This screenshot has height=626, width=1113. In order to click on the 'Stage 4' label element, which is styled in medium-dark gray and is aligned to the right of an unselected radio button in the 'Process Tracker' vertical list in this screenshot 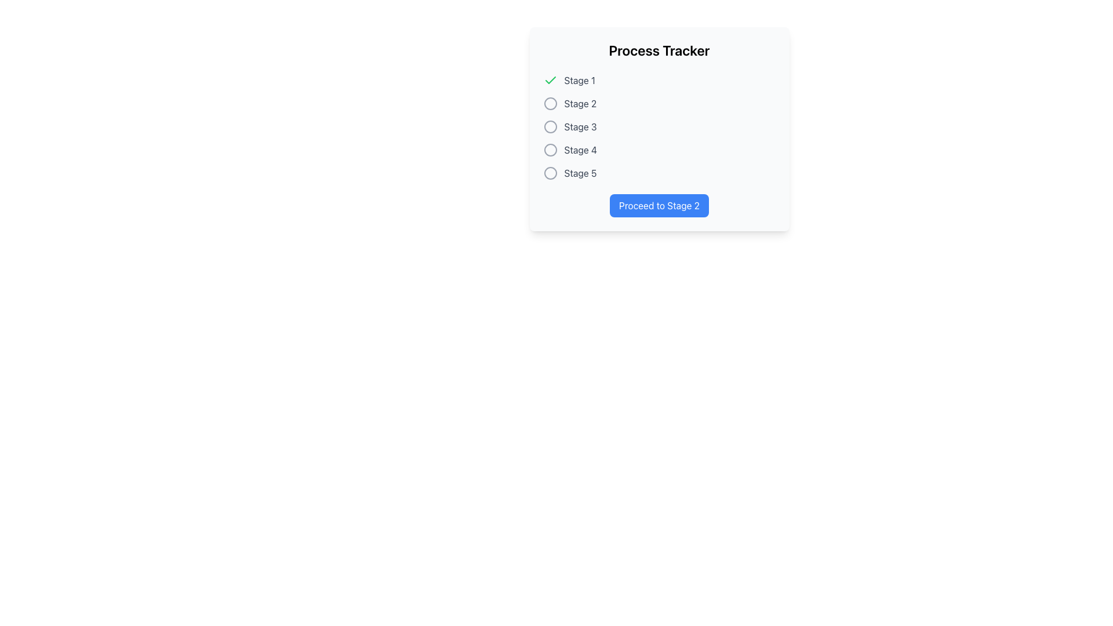, I will do `click(580, 149)`.